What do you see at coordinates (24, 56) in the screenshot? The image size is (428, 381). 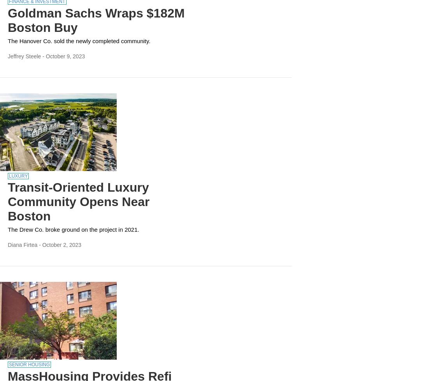 I see `'Jeffrey Steele'` at bounding box center [24, 56].